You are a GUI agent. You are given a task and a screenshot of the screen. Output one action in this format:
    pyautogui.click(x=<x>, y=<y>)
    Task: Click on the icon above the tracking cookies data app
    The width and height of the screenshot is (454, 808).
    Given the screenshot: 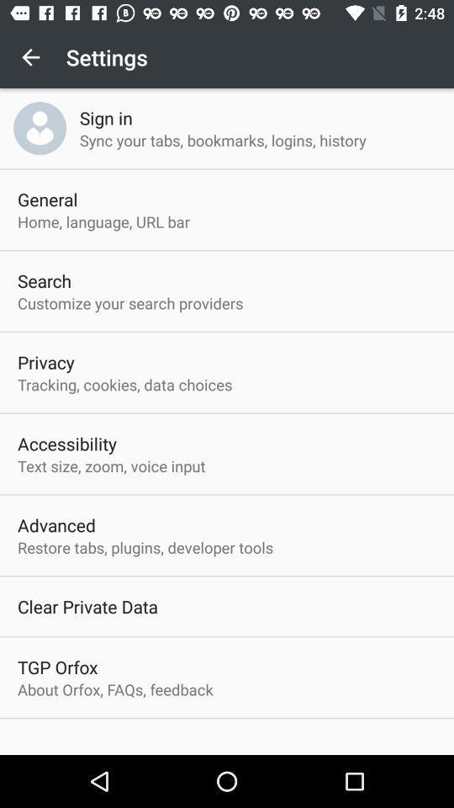 What is the action you would take?
    pyautogui.click(x=45, y=362)
    